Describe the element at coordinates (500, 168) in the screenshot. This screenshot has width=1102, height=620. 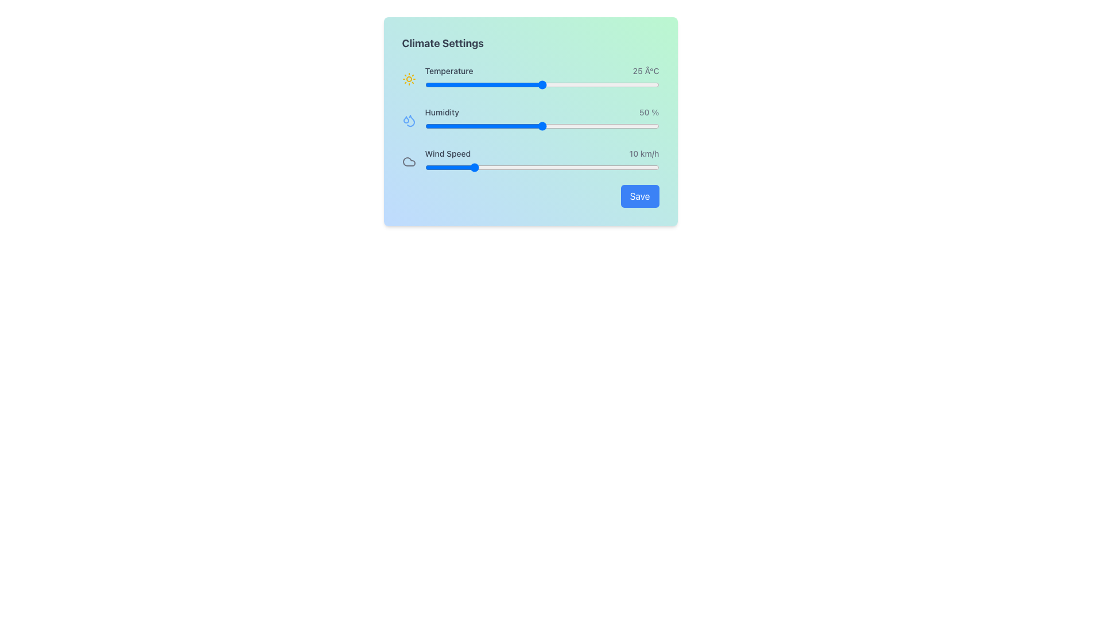
I see `wind speed` at that location.